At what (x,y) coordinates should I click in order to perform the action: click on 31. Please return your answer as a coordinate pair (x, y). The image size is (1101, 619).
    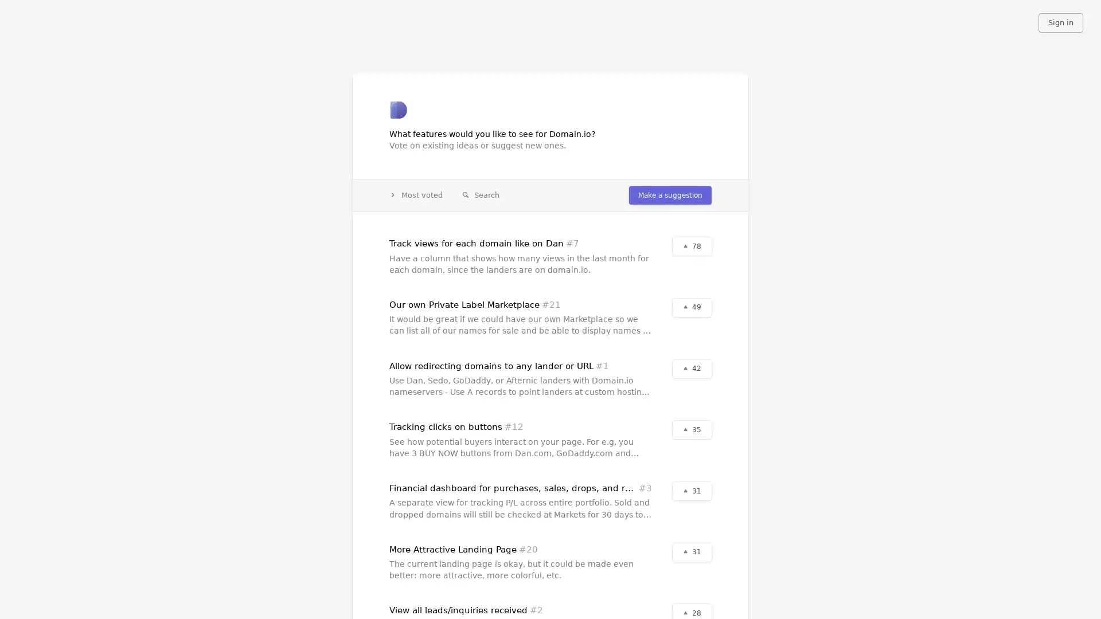
    Looking at the image, I should click on (691, 551).